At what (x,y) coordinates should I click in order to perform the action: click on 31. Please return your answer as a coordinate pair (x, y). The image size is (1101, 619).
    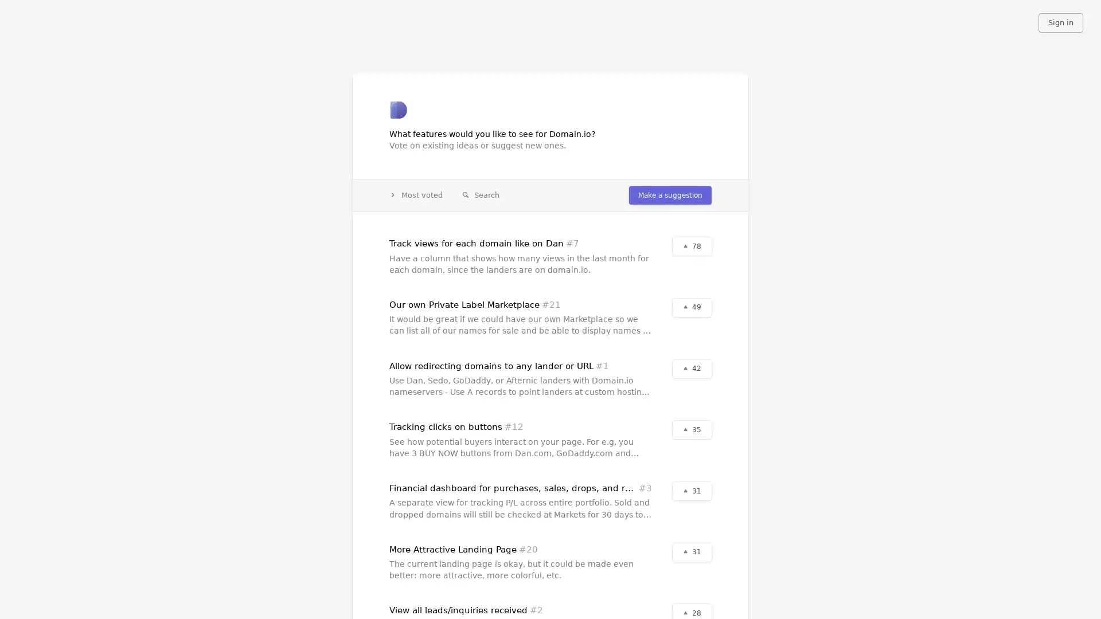
    Looking at the image, I should click on (691, 551).